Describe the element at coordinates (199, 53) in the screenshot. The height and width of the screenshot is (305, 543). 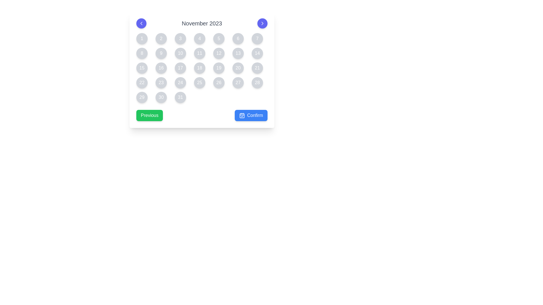
I see `the circular button with a gray background and the number '11' in white font` at that location.